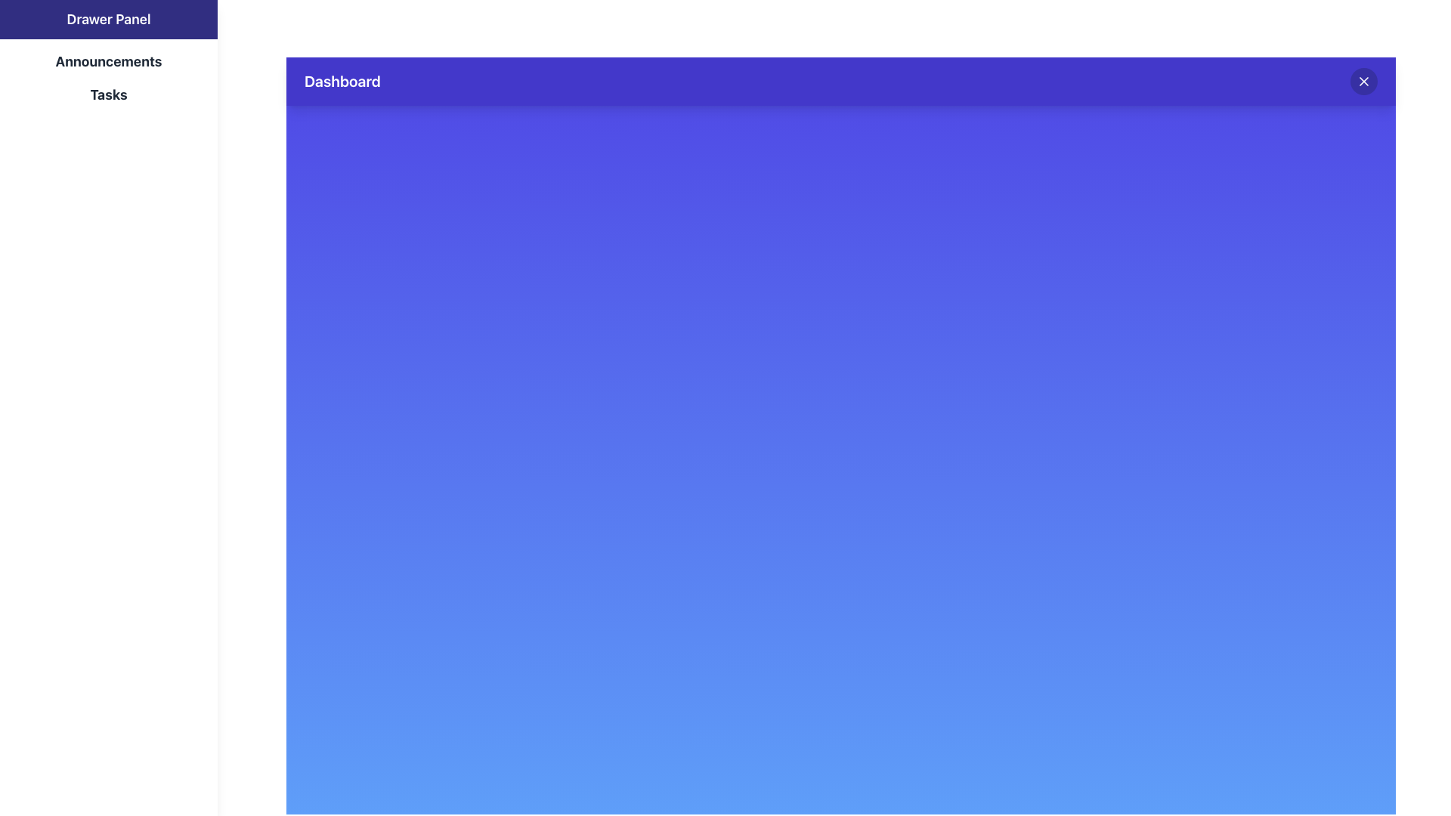 This screenshot has width=1451, height=816. What do you see at coordinates (108, 95) in the screenshot?
I see `the 'Tasks' text label, which serves as a heading in the left drawer panel, positioned below 'Announcements' and above a blank separator line` at bounding box center [108, 95].